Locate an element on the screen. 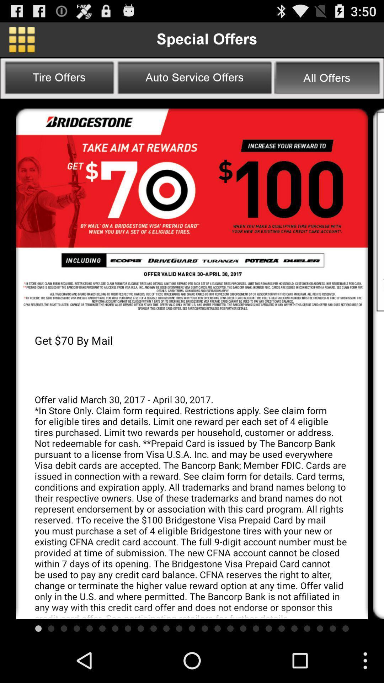 This screenshot has height=683, width=384. next page is located at coordinates (378, 211).